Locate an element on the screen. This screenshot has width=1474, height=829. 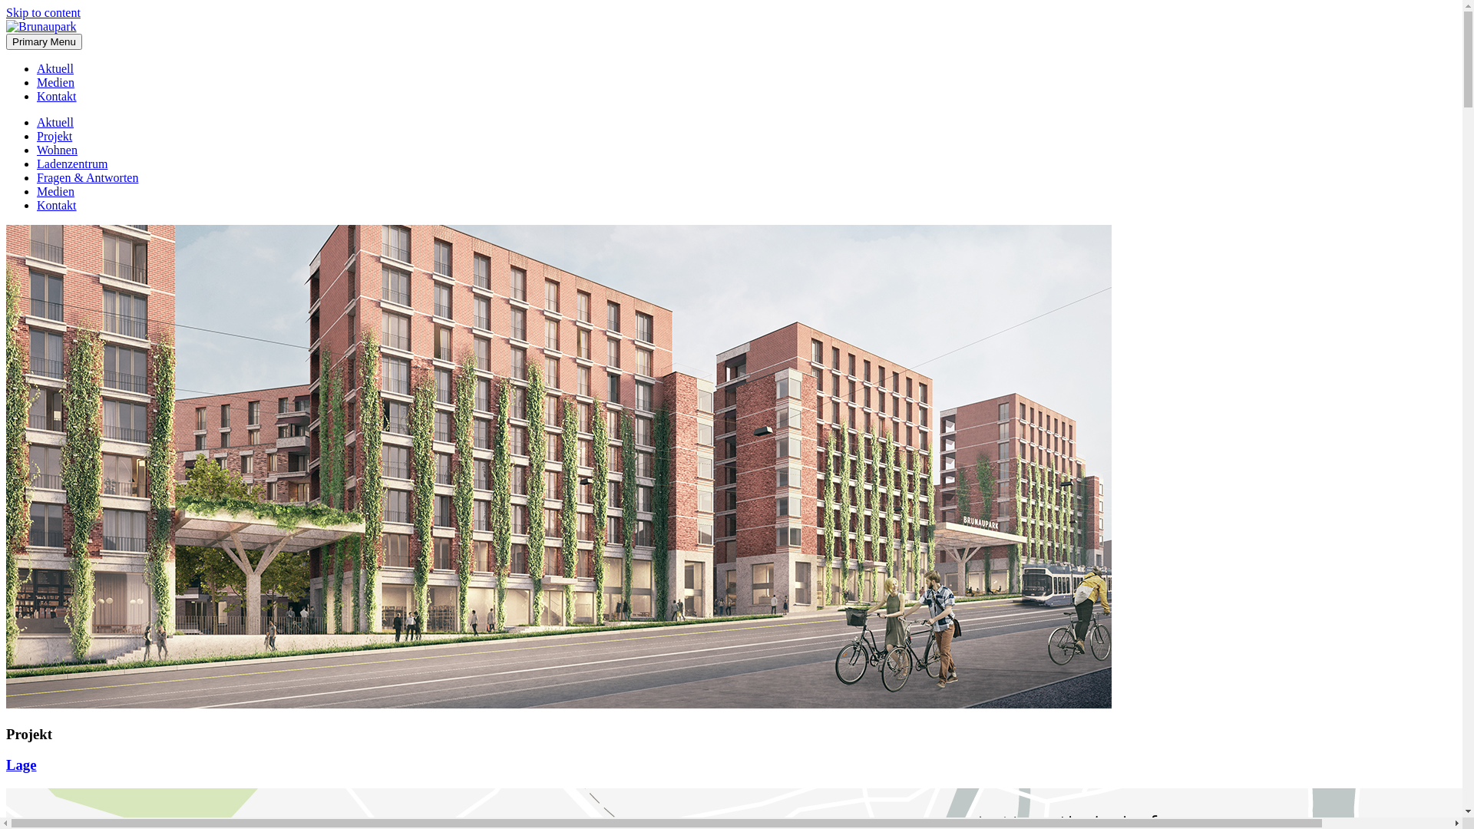
'Projekt' is located at coordinates (55, 135).